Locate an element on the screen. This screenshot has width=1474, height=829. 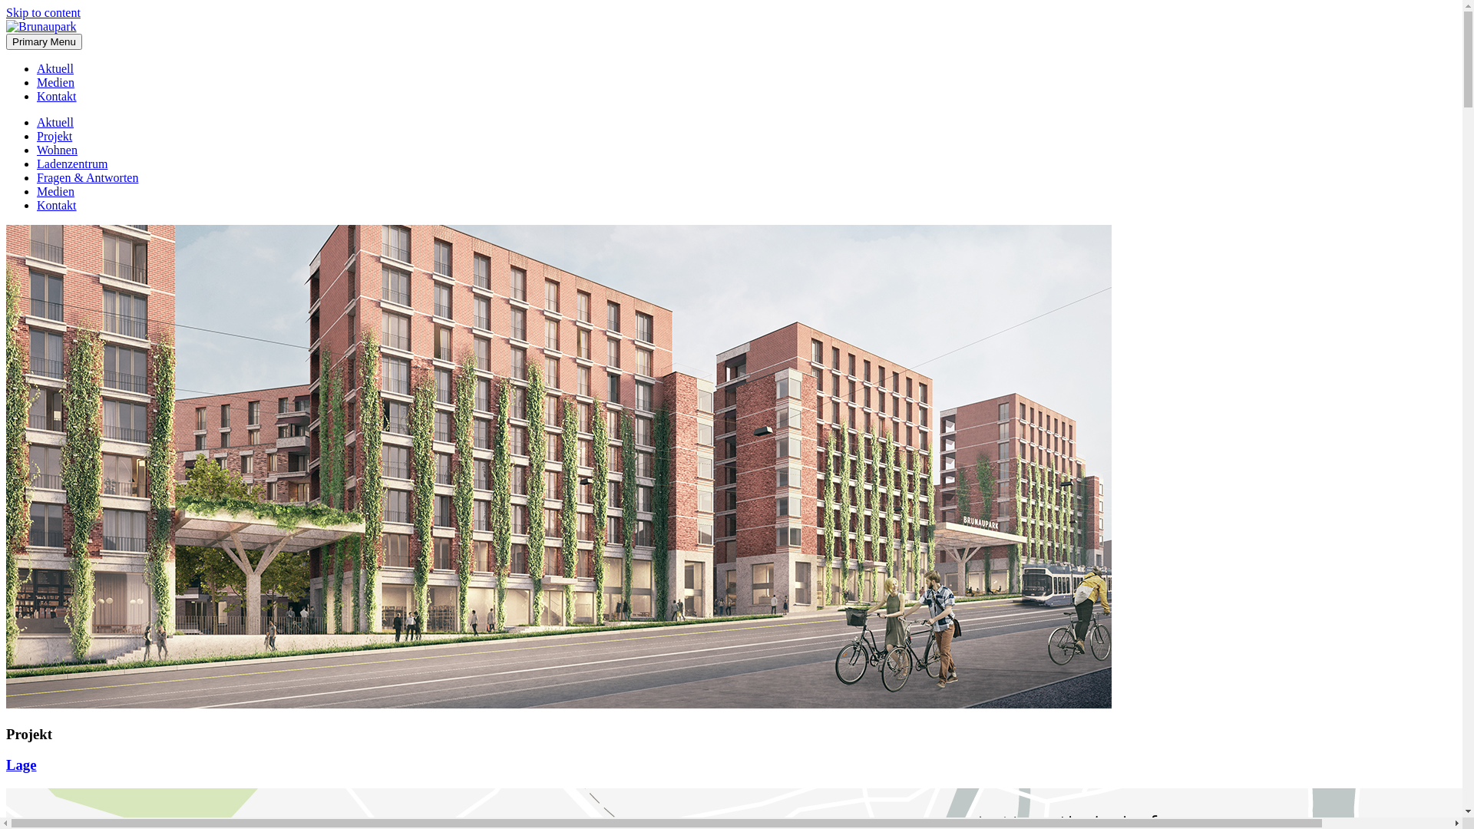
'Projekt' is located at coordinates (55, 135).